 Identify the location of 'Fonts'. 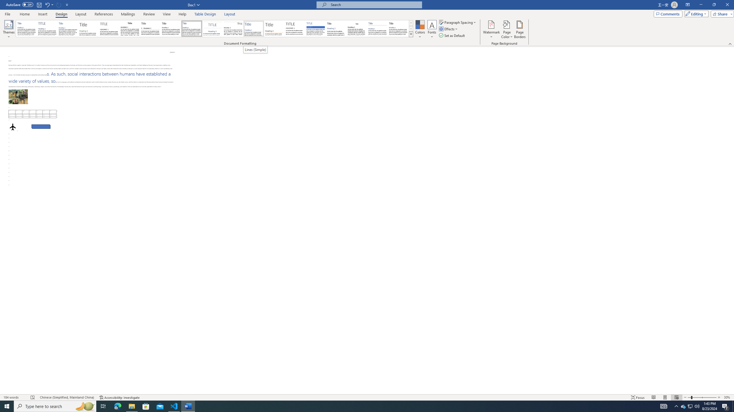
(432, 29).